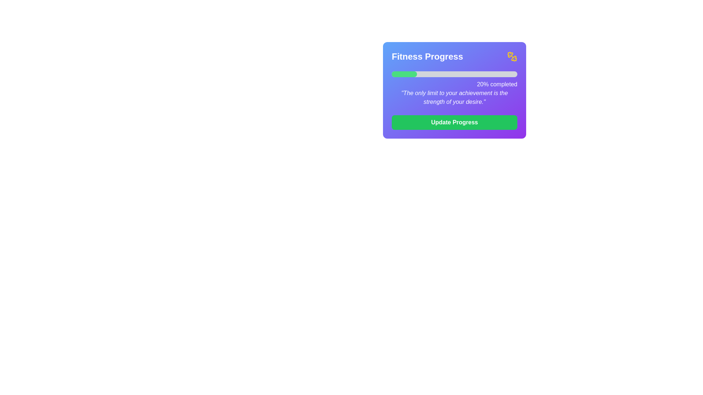  I want to click on the static text display component that reads 'The only limit to your achievement is the strength of your desire.' which is located below the progress bar description and above the green button labeled 'Update Progress', so click(454, 97).